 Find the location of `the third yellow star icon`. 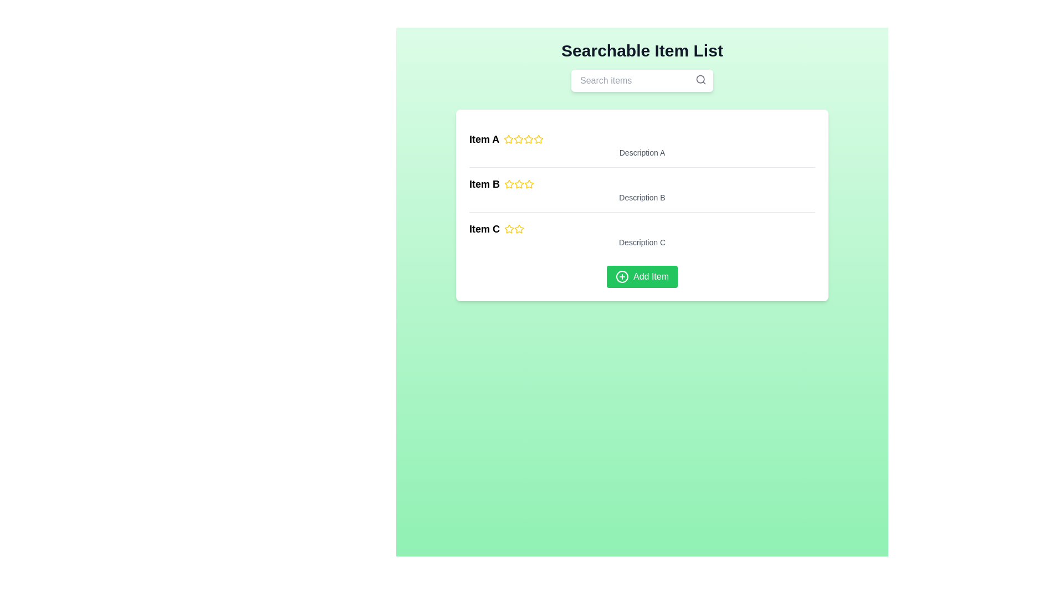

the third yellow star icon is located at coordinates (538, 138).